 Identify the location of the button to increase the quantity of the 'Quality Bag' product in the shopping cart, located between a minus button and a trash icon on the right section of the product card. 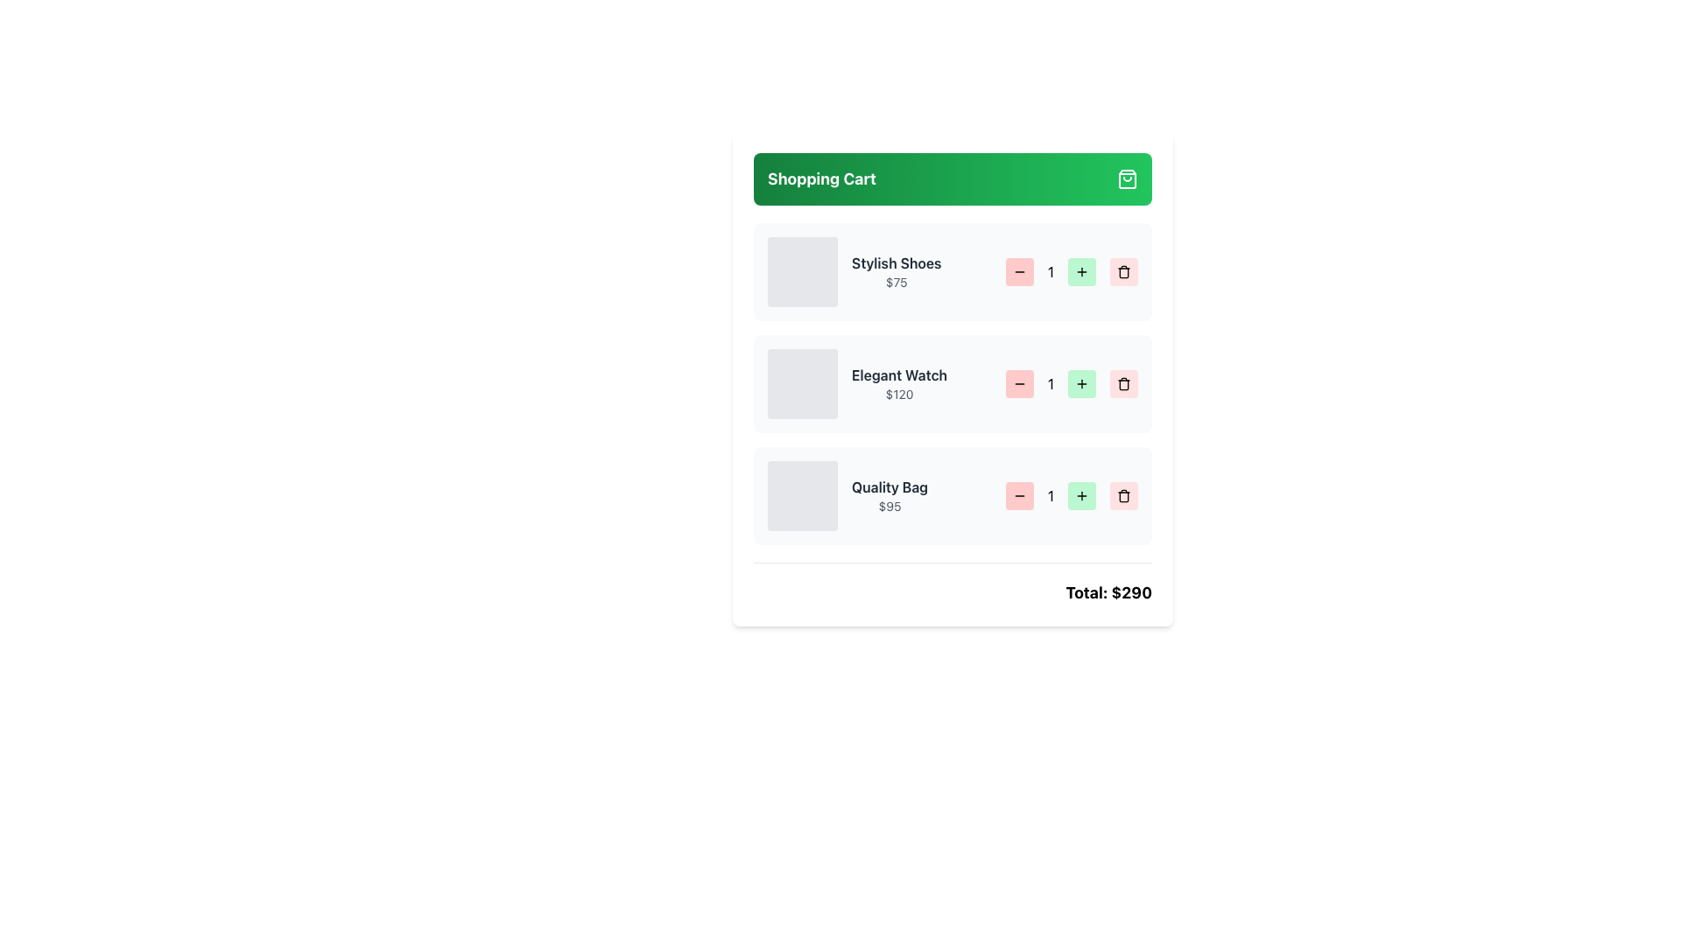
(1071, 496).